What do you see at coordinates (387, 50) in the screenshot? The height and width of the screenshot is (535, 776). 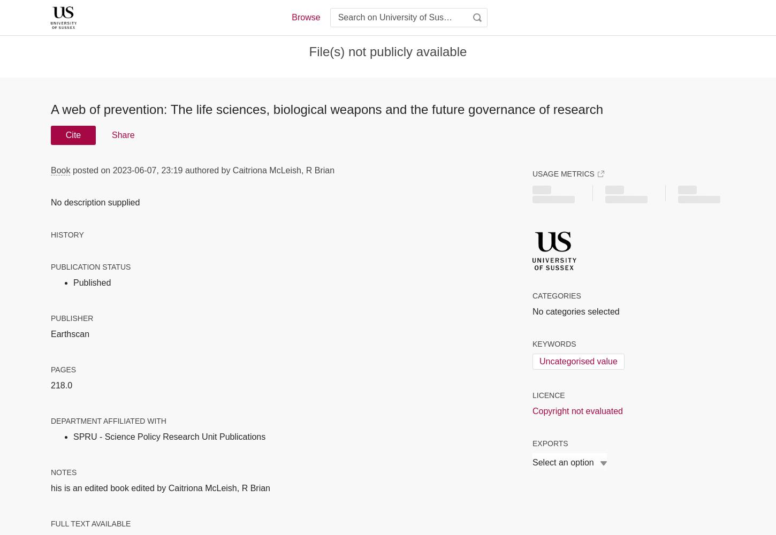 I see `'File(s) not publicly available'` at bounding box center [387, 50].